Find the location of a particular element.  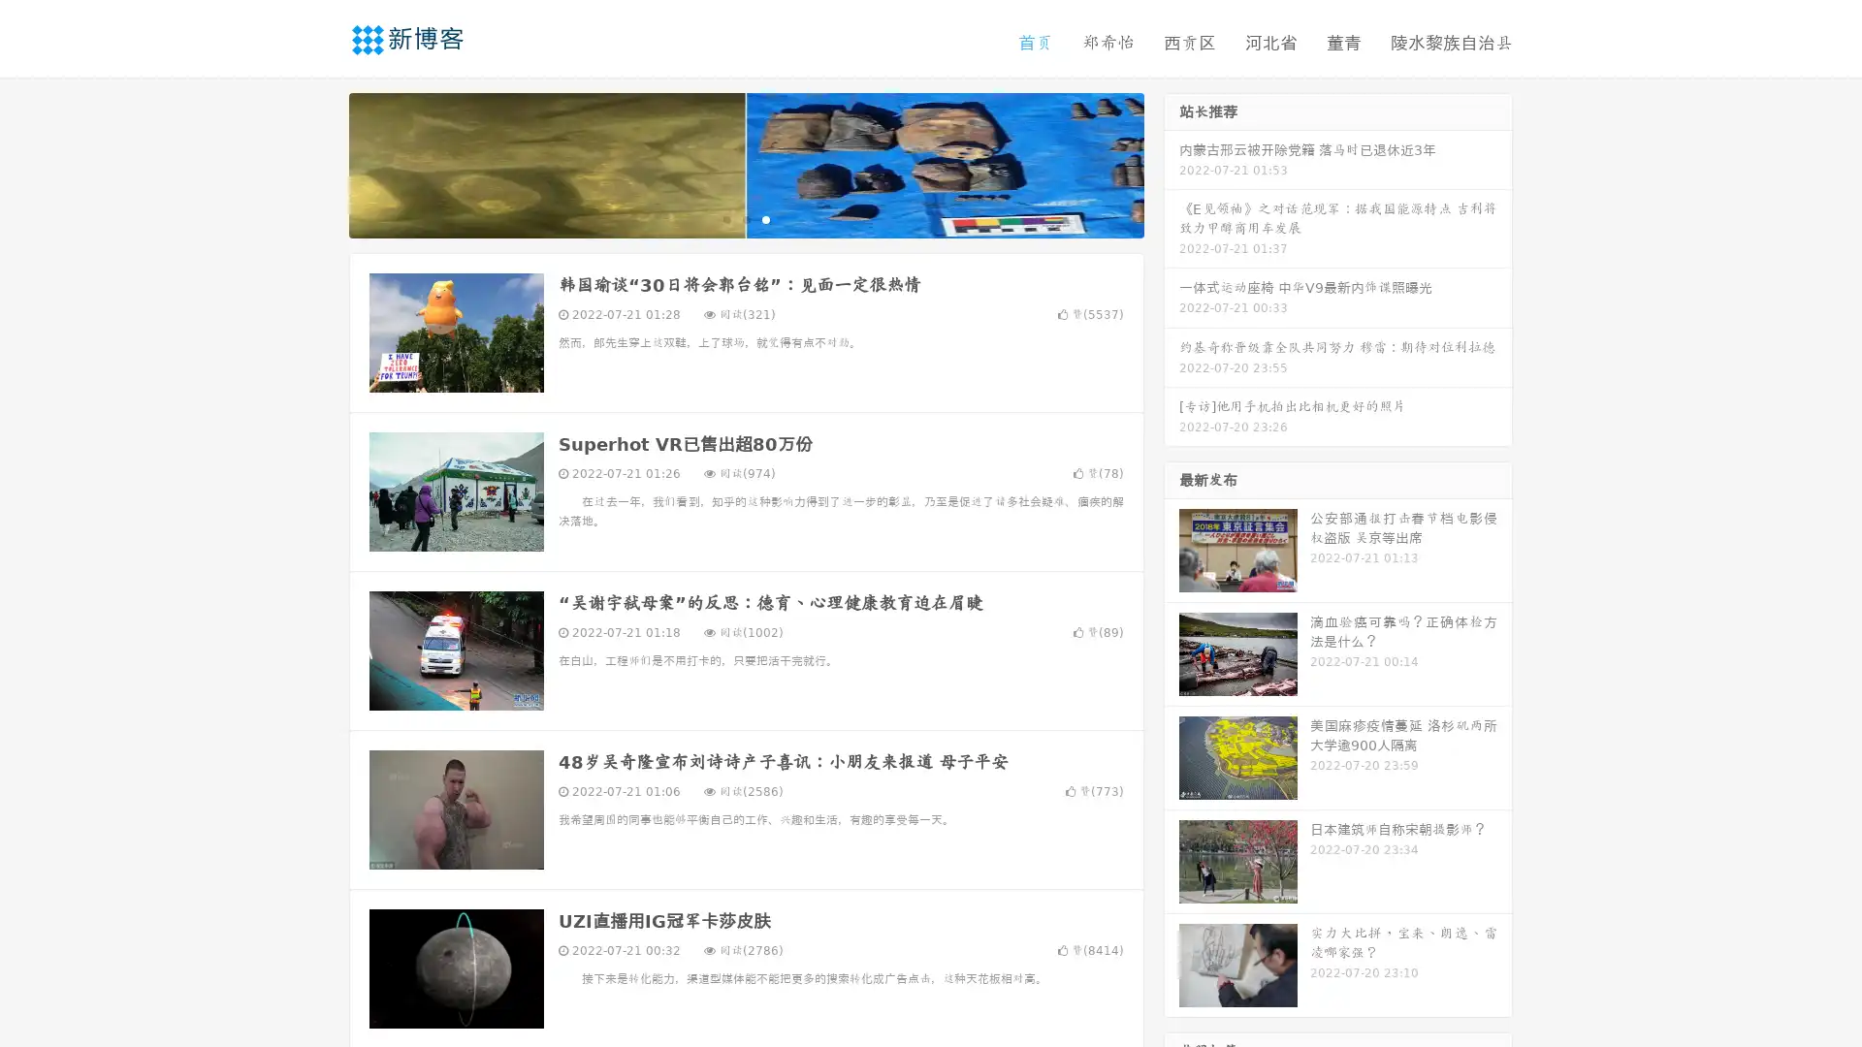

Go to slide 2 is located at coordinates (745, 218).